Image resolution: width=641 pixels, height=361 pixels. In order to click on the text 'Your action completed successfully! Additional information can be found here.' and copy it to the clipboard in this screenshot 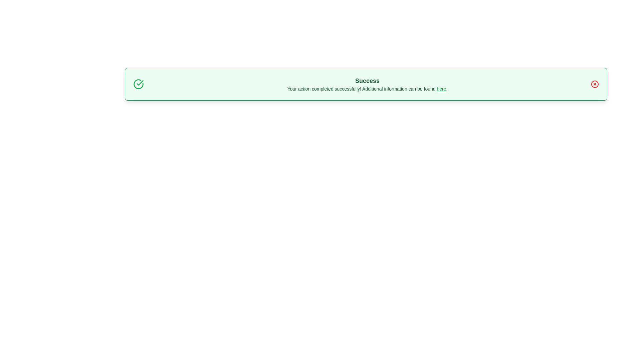, I will do `click(149, 85)`.